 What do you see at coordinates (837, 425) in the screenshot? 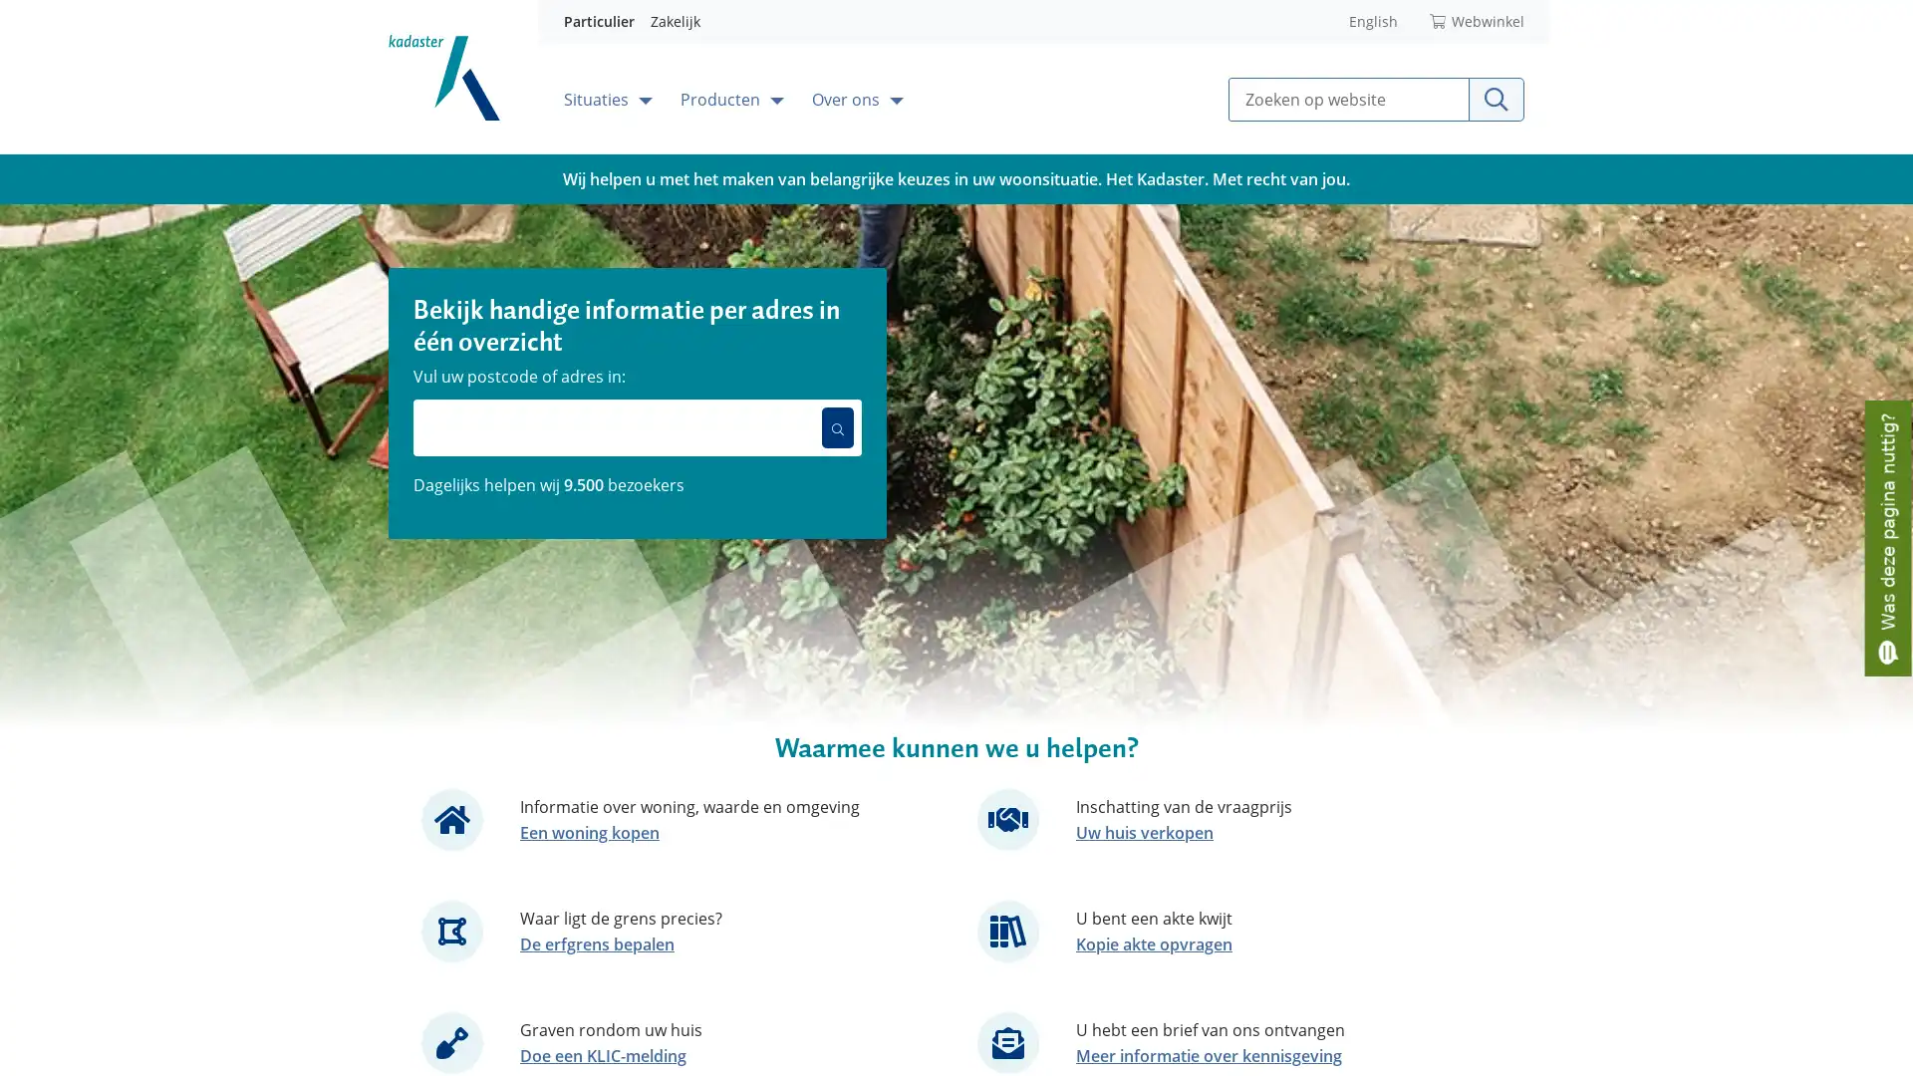
I see `Zoeken` at bounding box center [837, 425].